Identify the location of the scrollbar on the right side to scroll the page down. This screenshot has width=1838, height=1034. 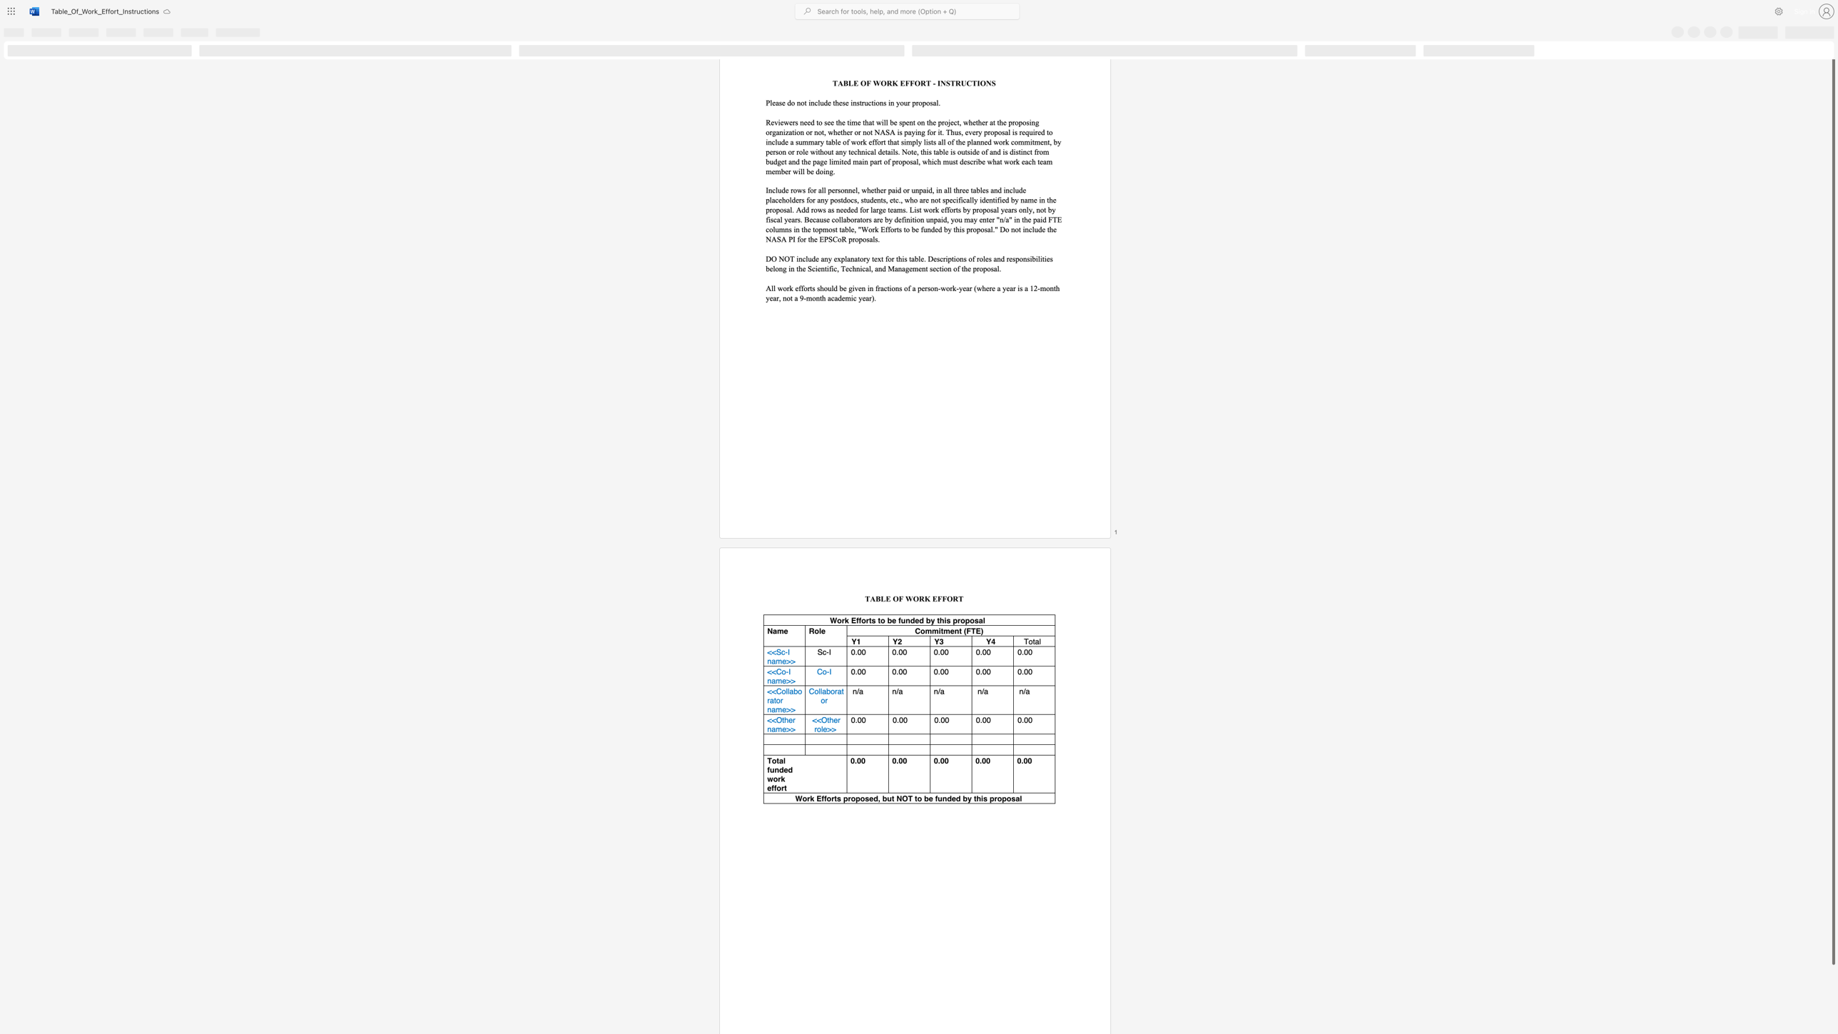
(1832, 990).